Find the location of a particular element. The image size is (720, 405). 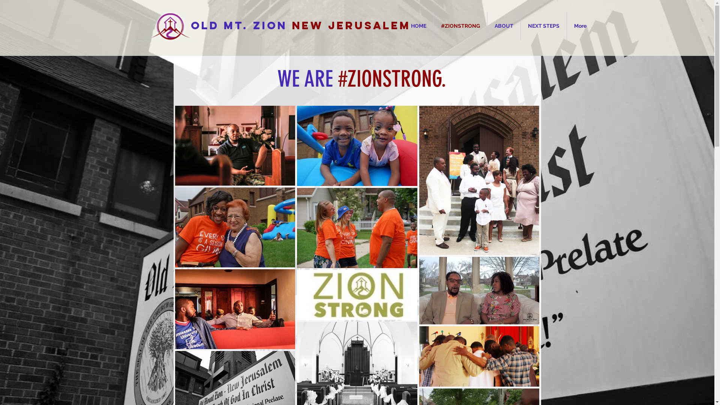

'HOME' is located at coordinates (418, 25).